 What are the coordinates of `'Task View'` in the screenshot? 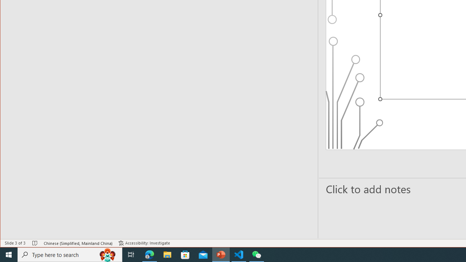 It's located at (131, 254).